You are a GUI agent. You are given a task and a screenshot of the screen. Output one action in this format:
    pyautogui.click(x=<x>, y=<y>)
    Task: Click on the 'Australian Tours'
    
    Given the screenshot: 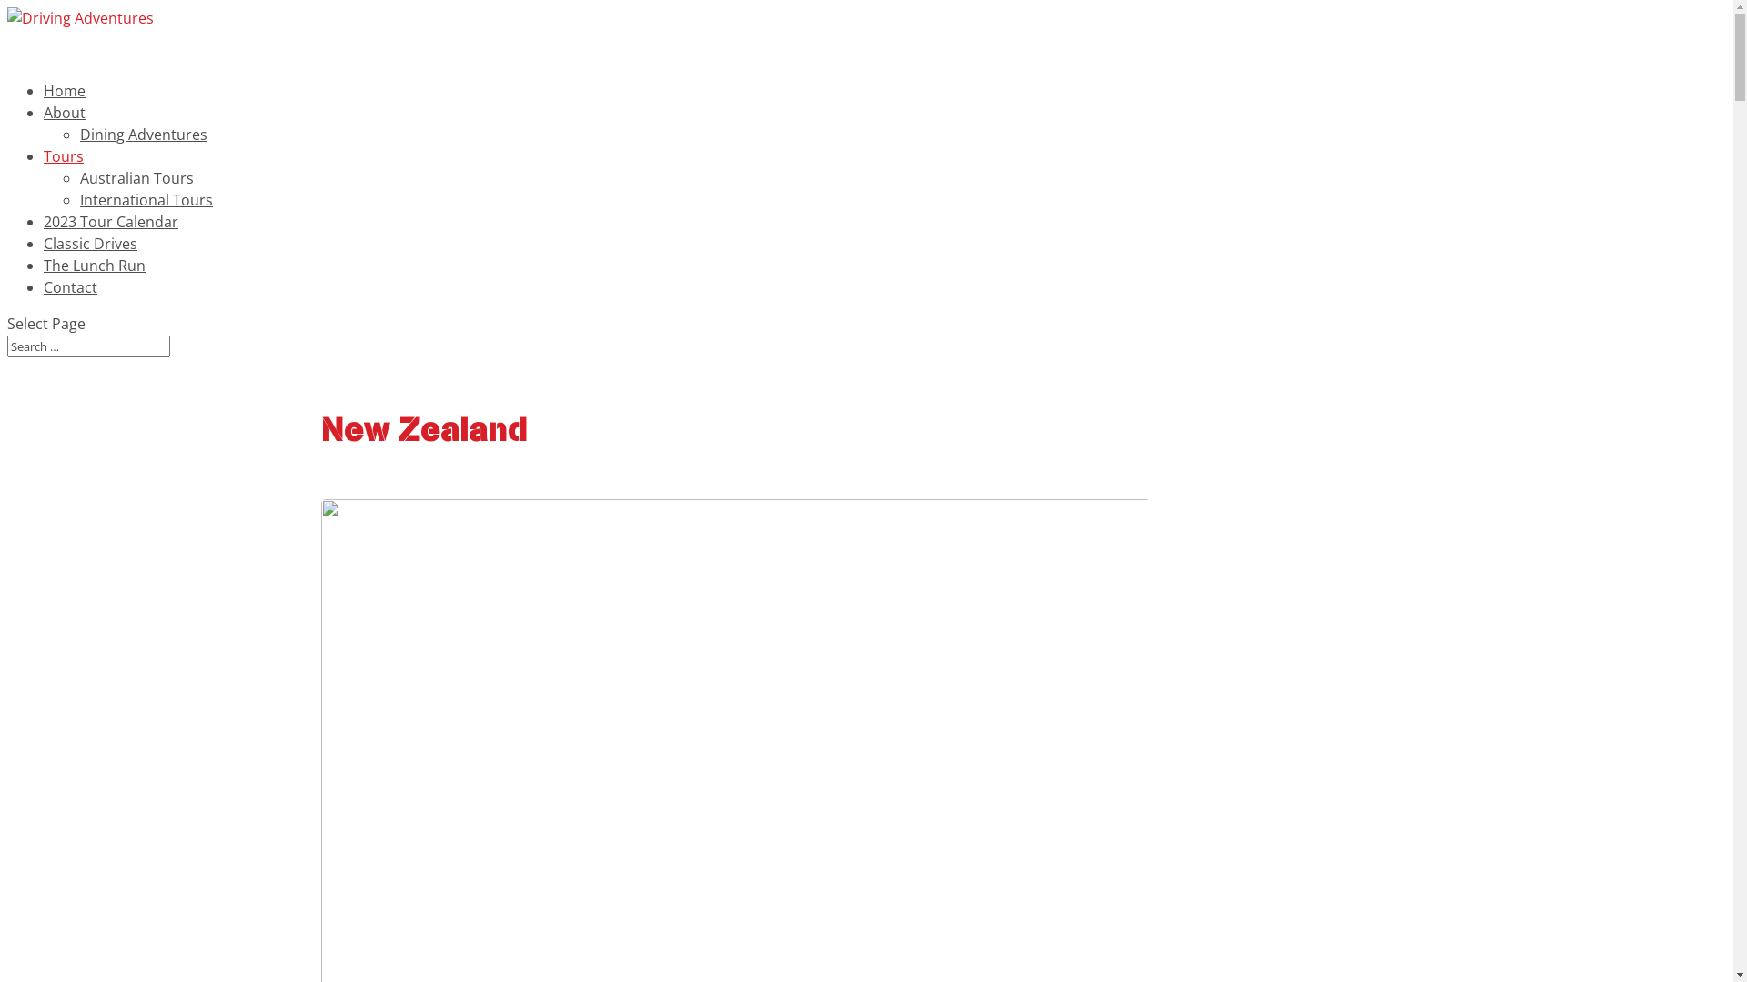 What is the action you would take?
    pyautogui.click(x=136, y=178)
    